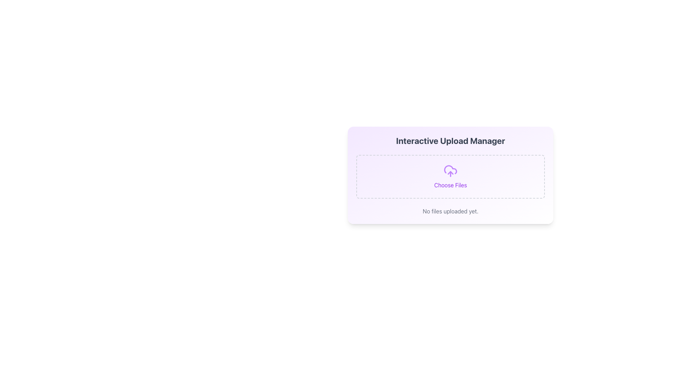 The width and height of the screenshot is (678, 381). I want to click on files onto the File Upload Button located in the Interactive Upload Manager, positioned below the title and above the text 'No files uploaded yet.', so click(450, 176).